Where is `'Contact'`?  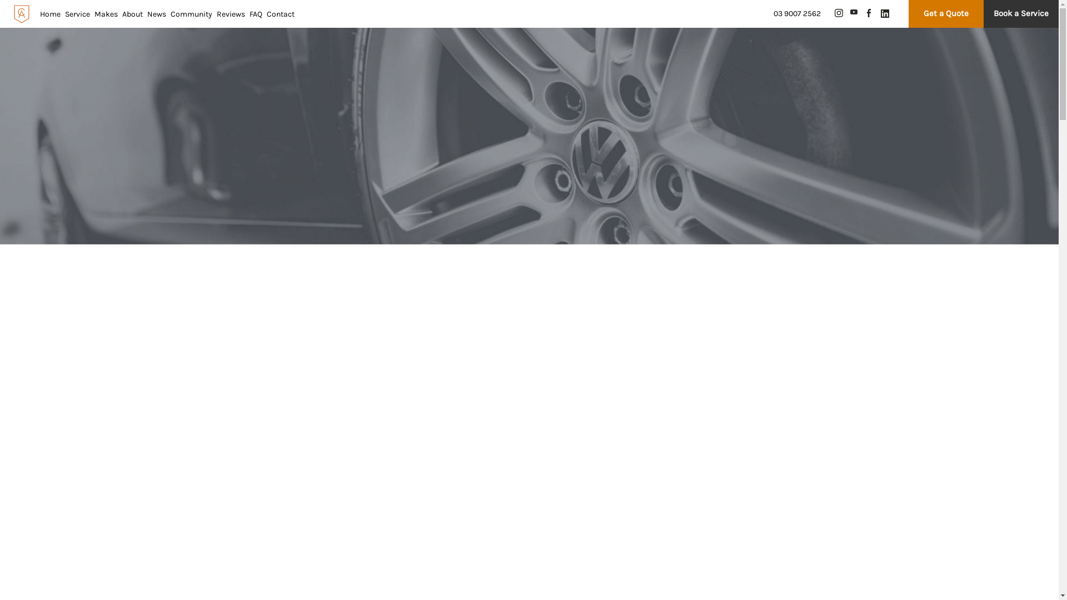 'Contact' is located at coordinates (267, 14).